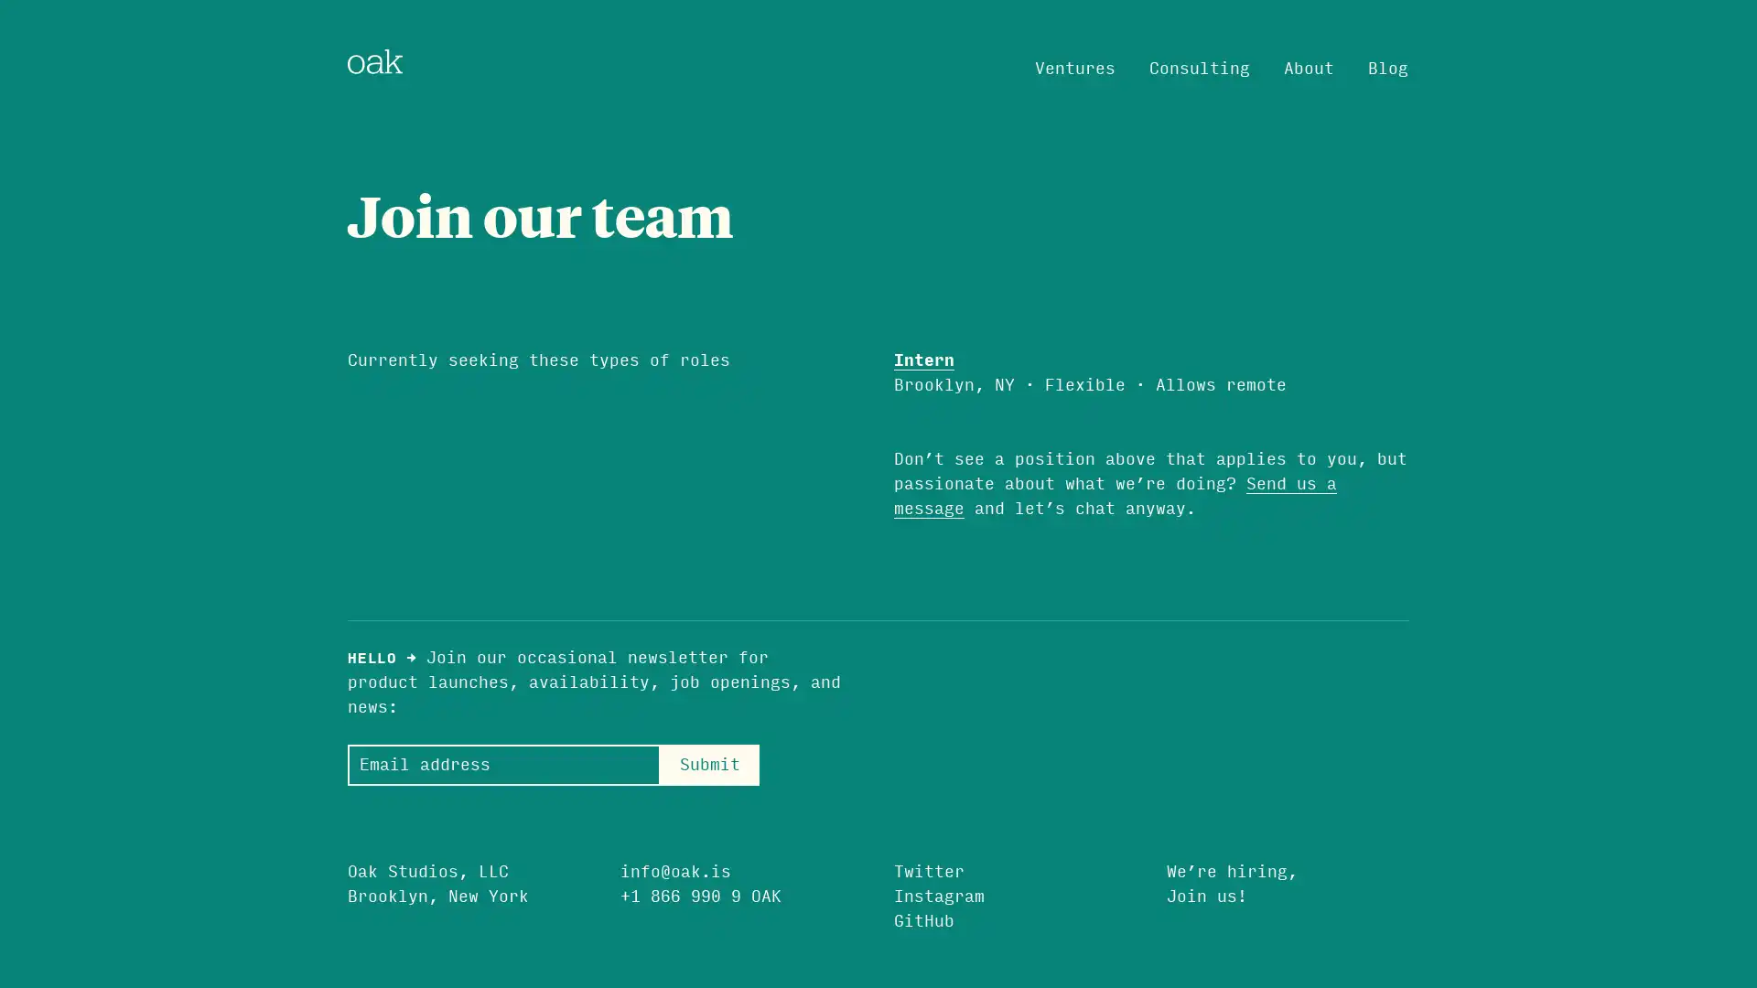 This screenshot has height=988, width=1757. What do you see at coordinates (708, 764) in the screenshot?
I see `Submit` at bounding box center [708, 764].